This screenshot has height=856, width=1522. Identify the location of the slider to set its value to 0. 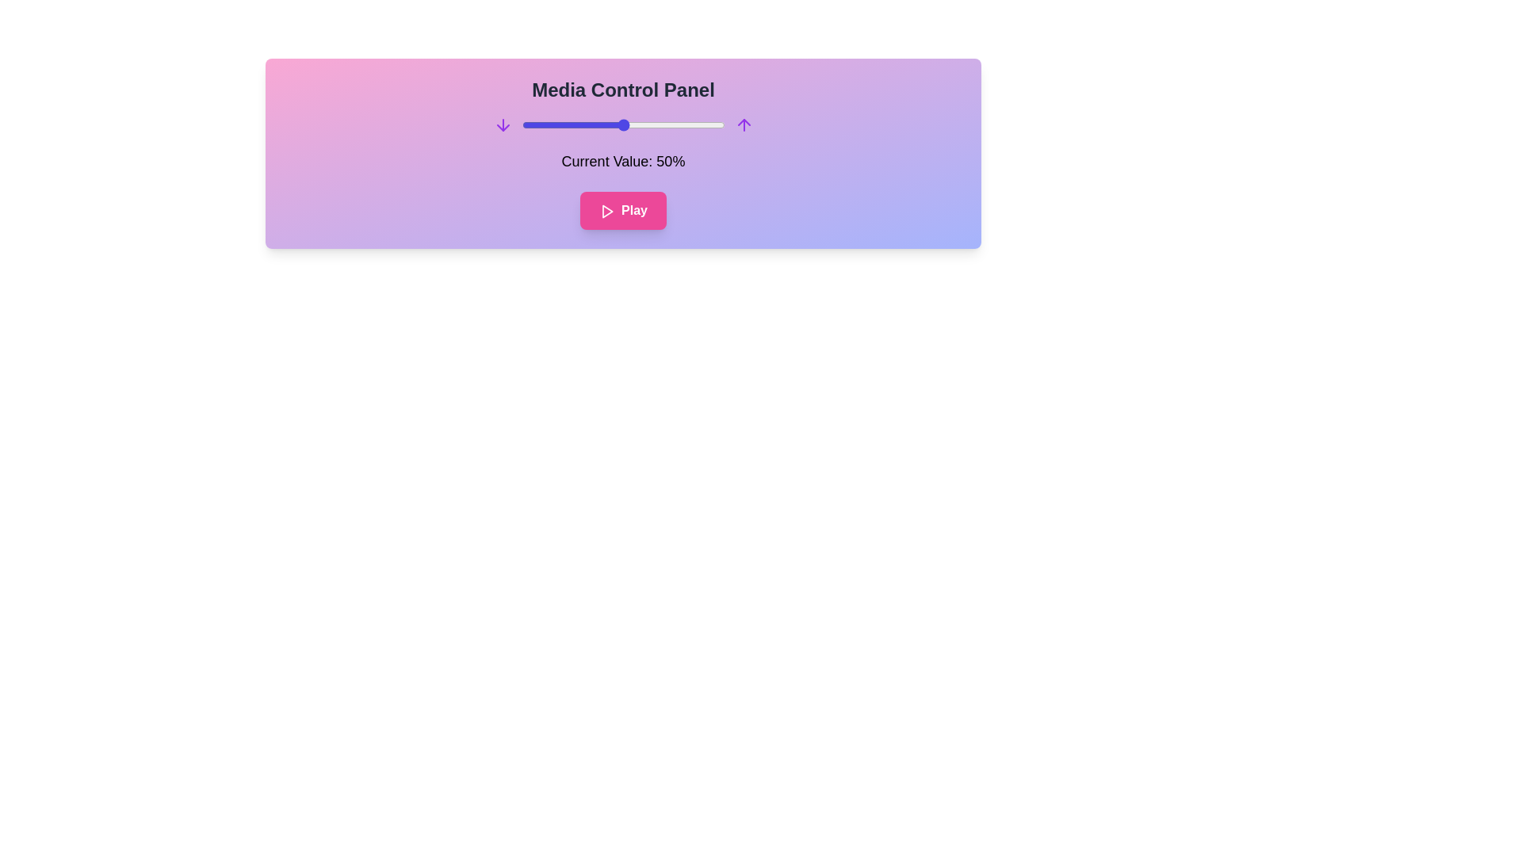
(522, 124).